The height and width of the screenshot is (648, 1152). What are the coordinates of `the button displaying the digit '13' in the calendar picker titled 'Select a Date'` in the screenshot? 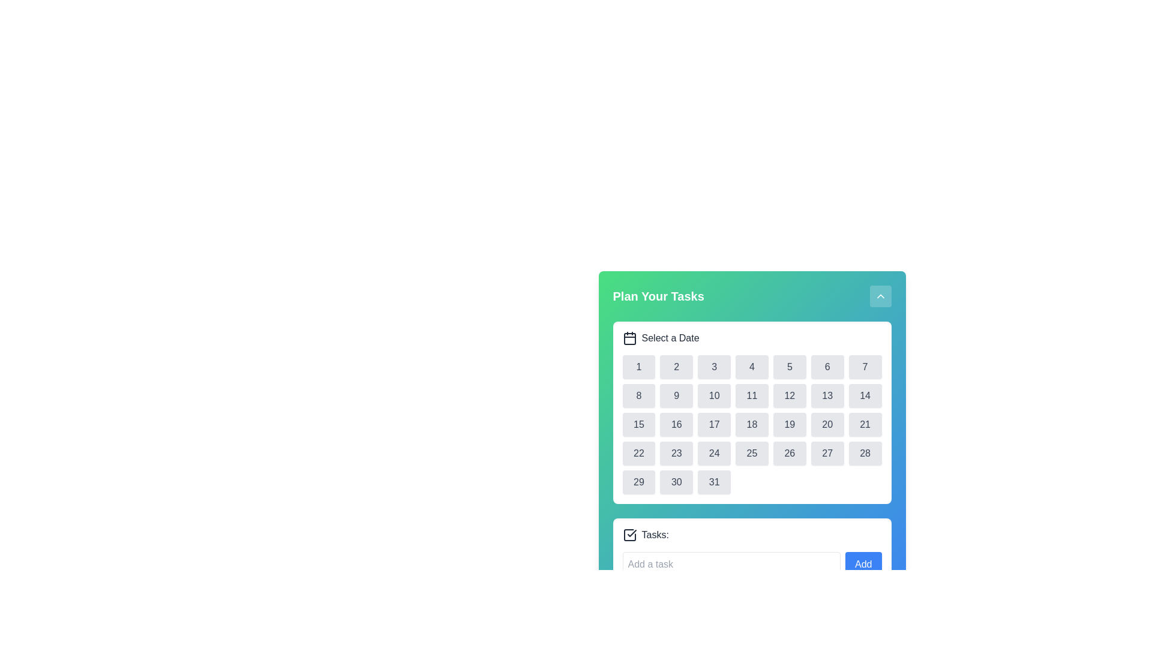 It's located at (827, 395).